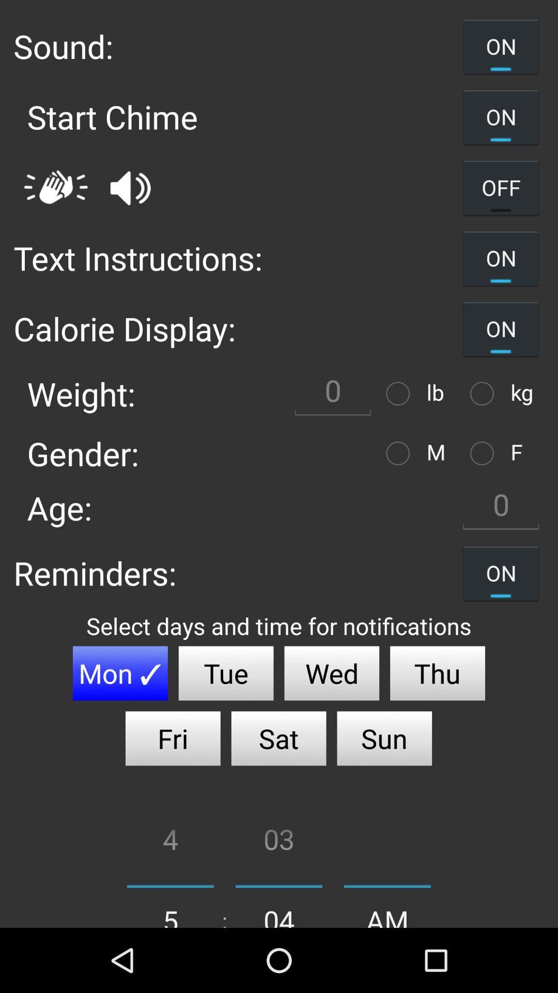 The height and width of the screenshot is (993, 558). I want to click on input weight, so click(333, 393).